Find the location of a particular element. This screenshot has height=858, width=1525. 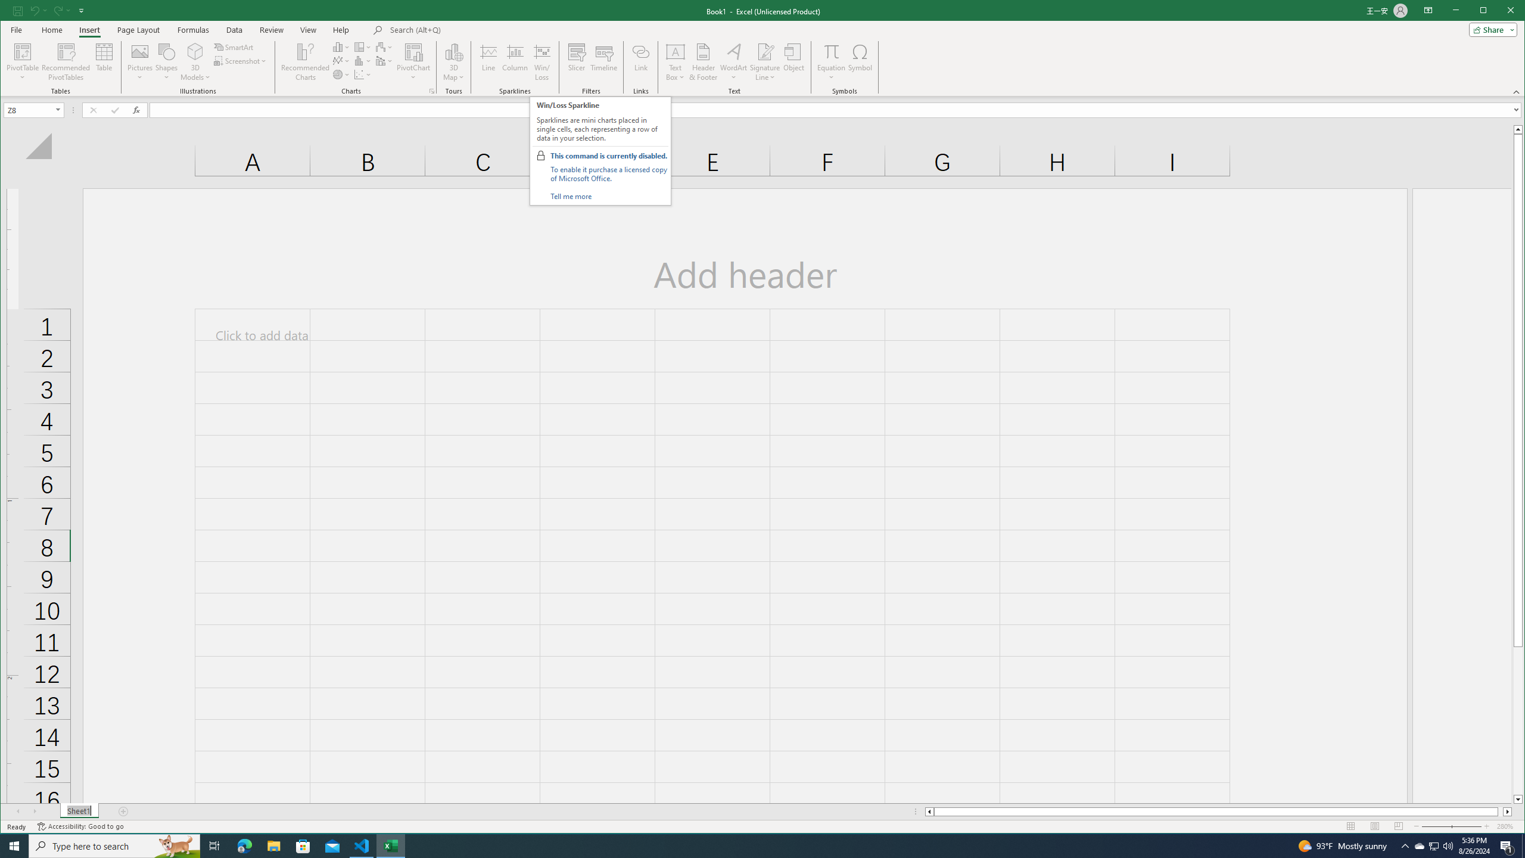

'Action Center, 1 new notification' is located at coordinates (1507, 845).